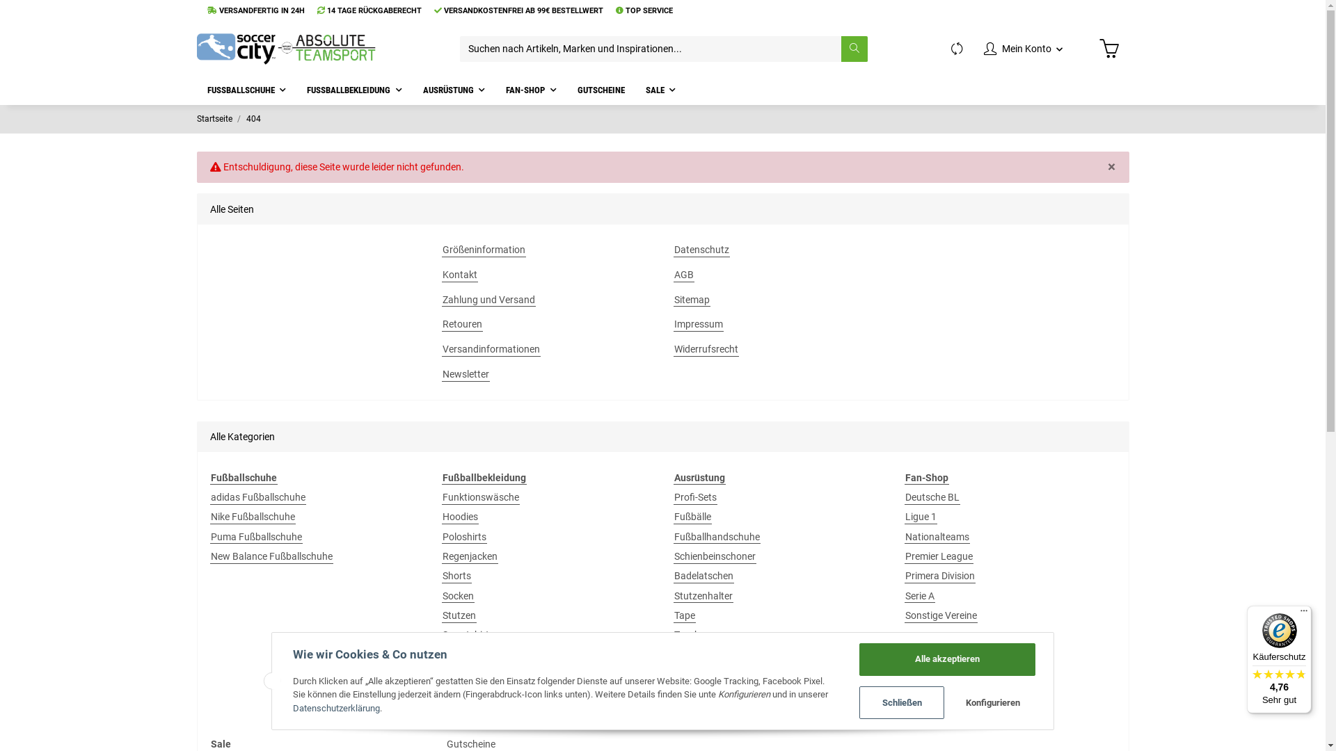 This screenshot has height=751, width=1336. I want to click on 'soccercity', so click(196, 48).